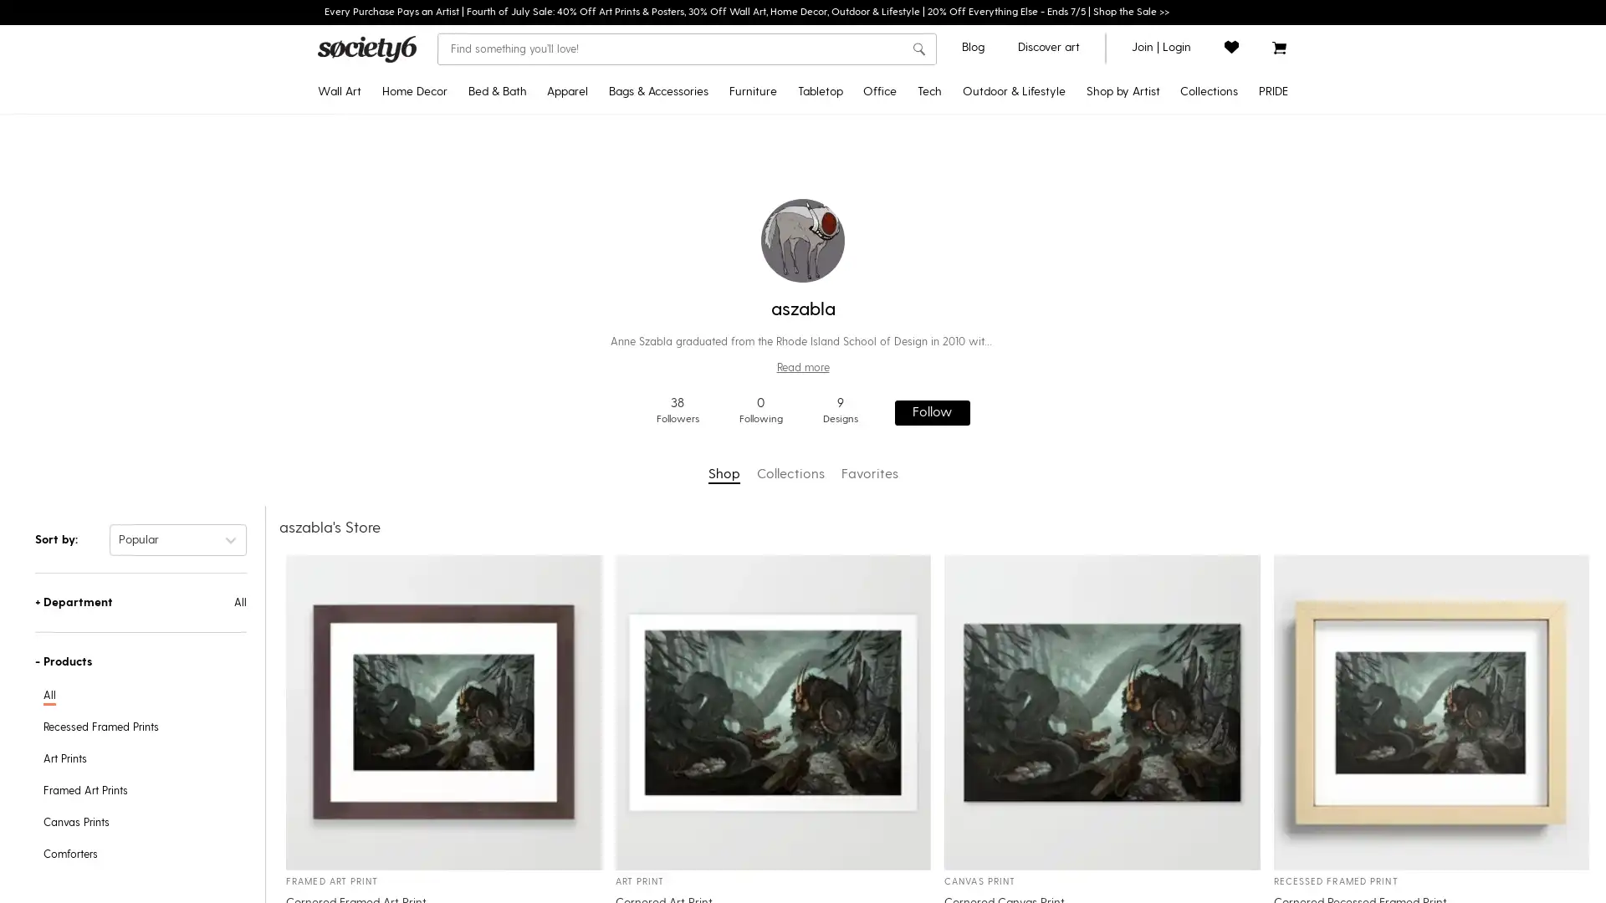  Describe the element at coordinates (393, 430) in the screenshot. I see `Mini Art Prints` at that location.